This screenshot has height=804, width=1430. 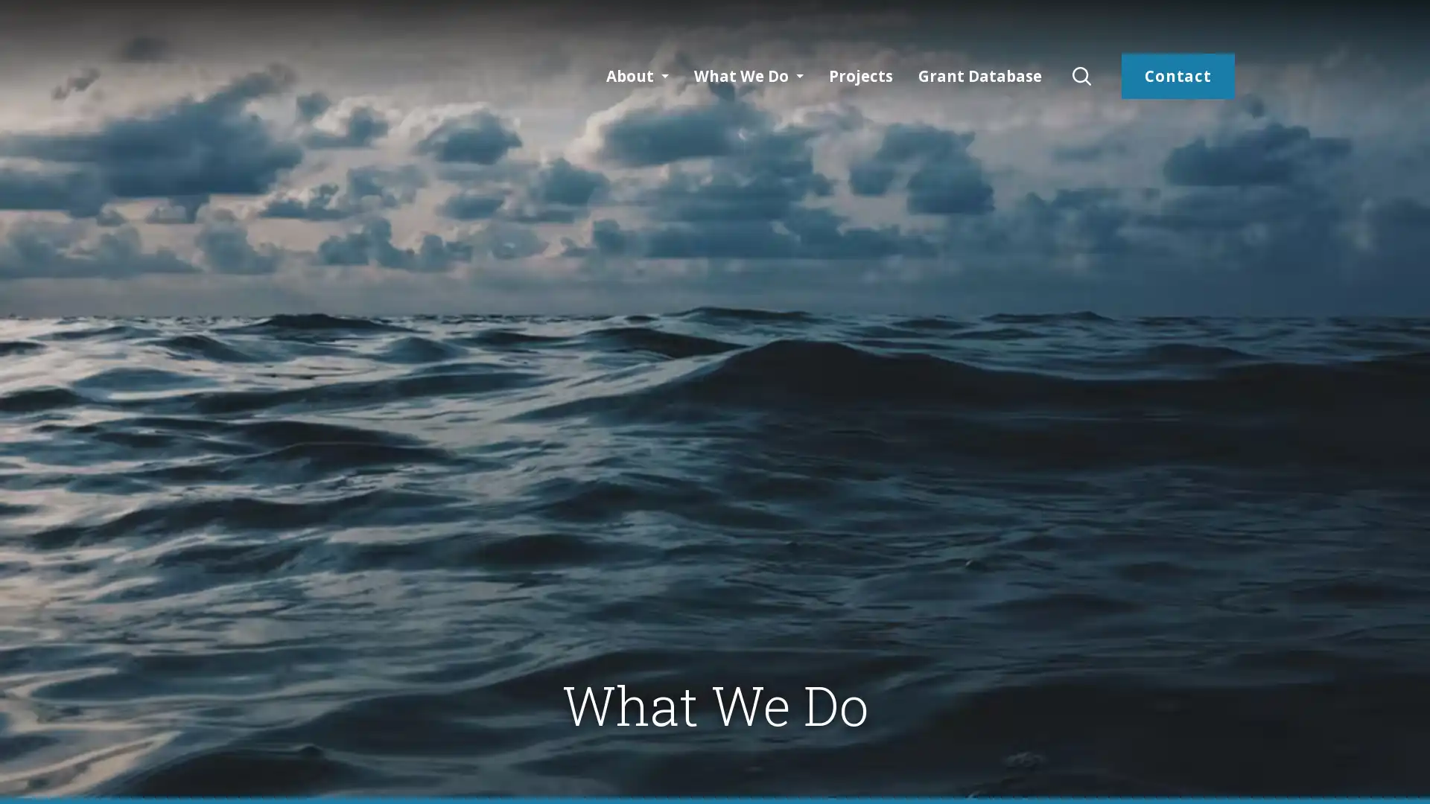 I want to click on Customize, so click(x=1173, y=773).